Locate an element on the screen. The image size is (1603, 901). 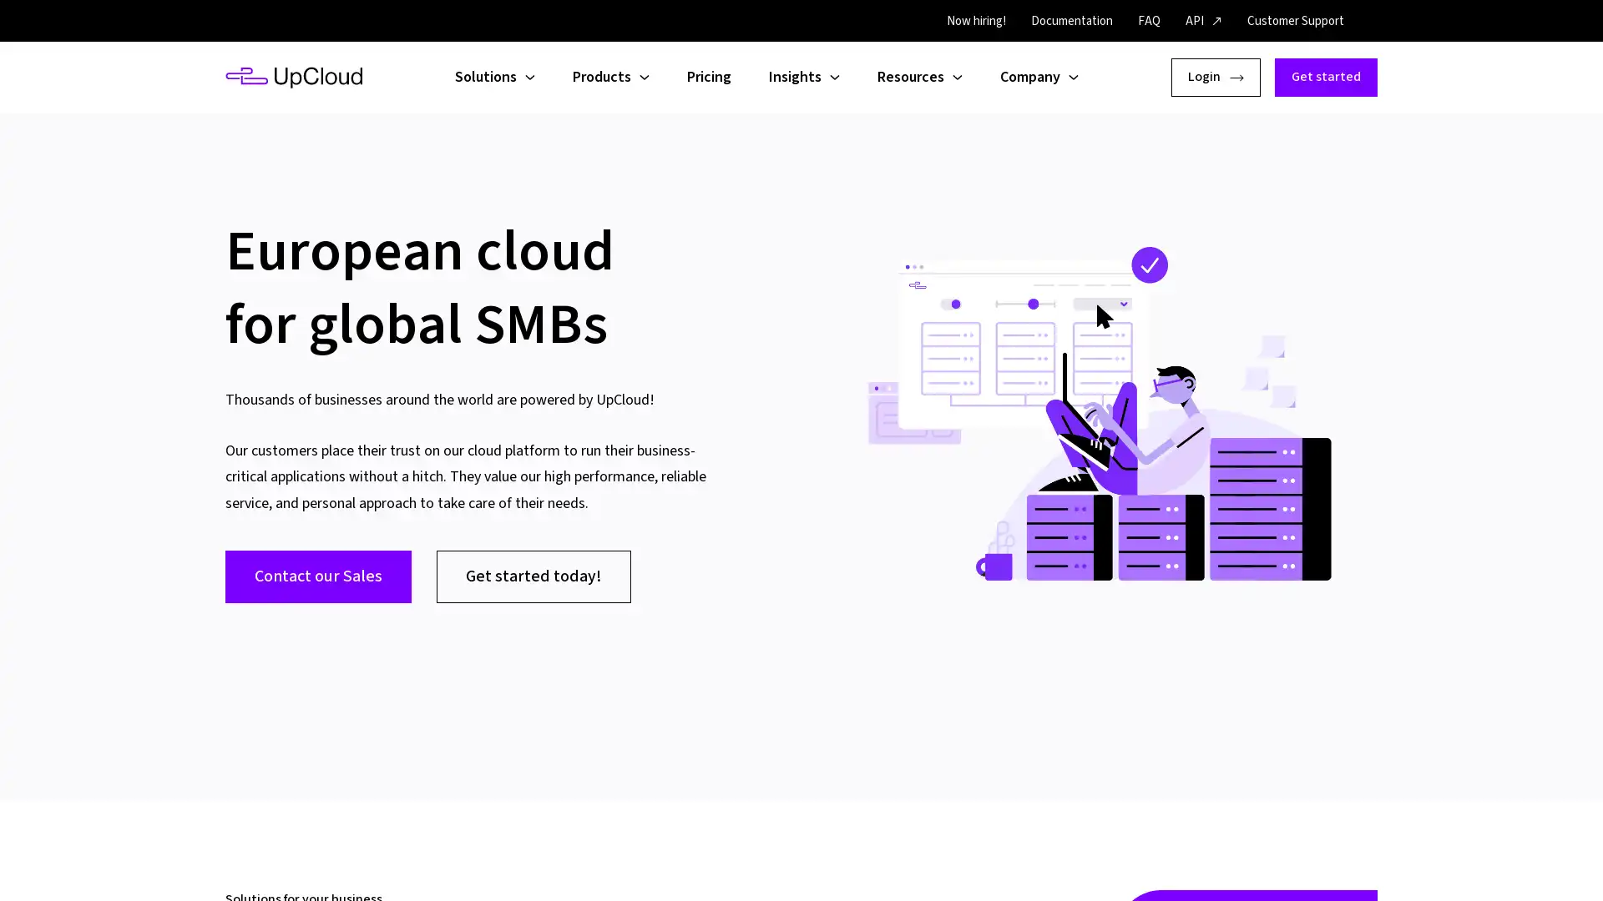
Accept all cookies is located at coordinates (908, 340).